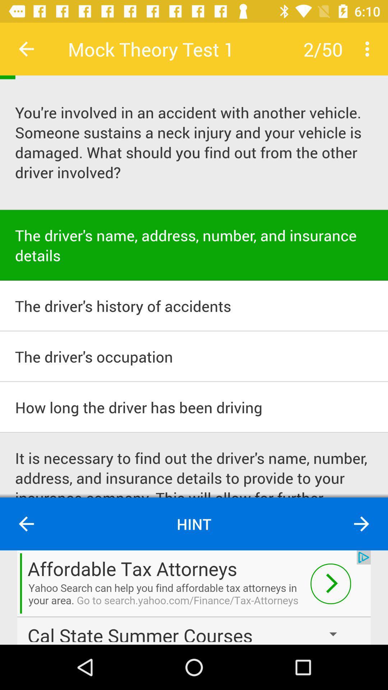 This screenshot has width=388, height=690. I want to click on previous, so click(26, 524).